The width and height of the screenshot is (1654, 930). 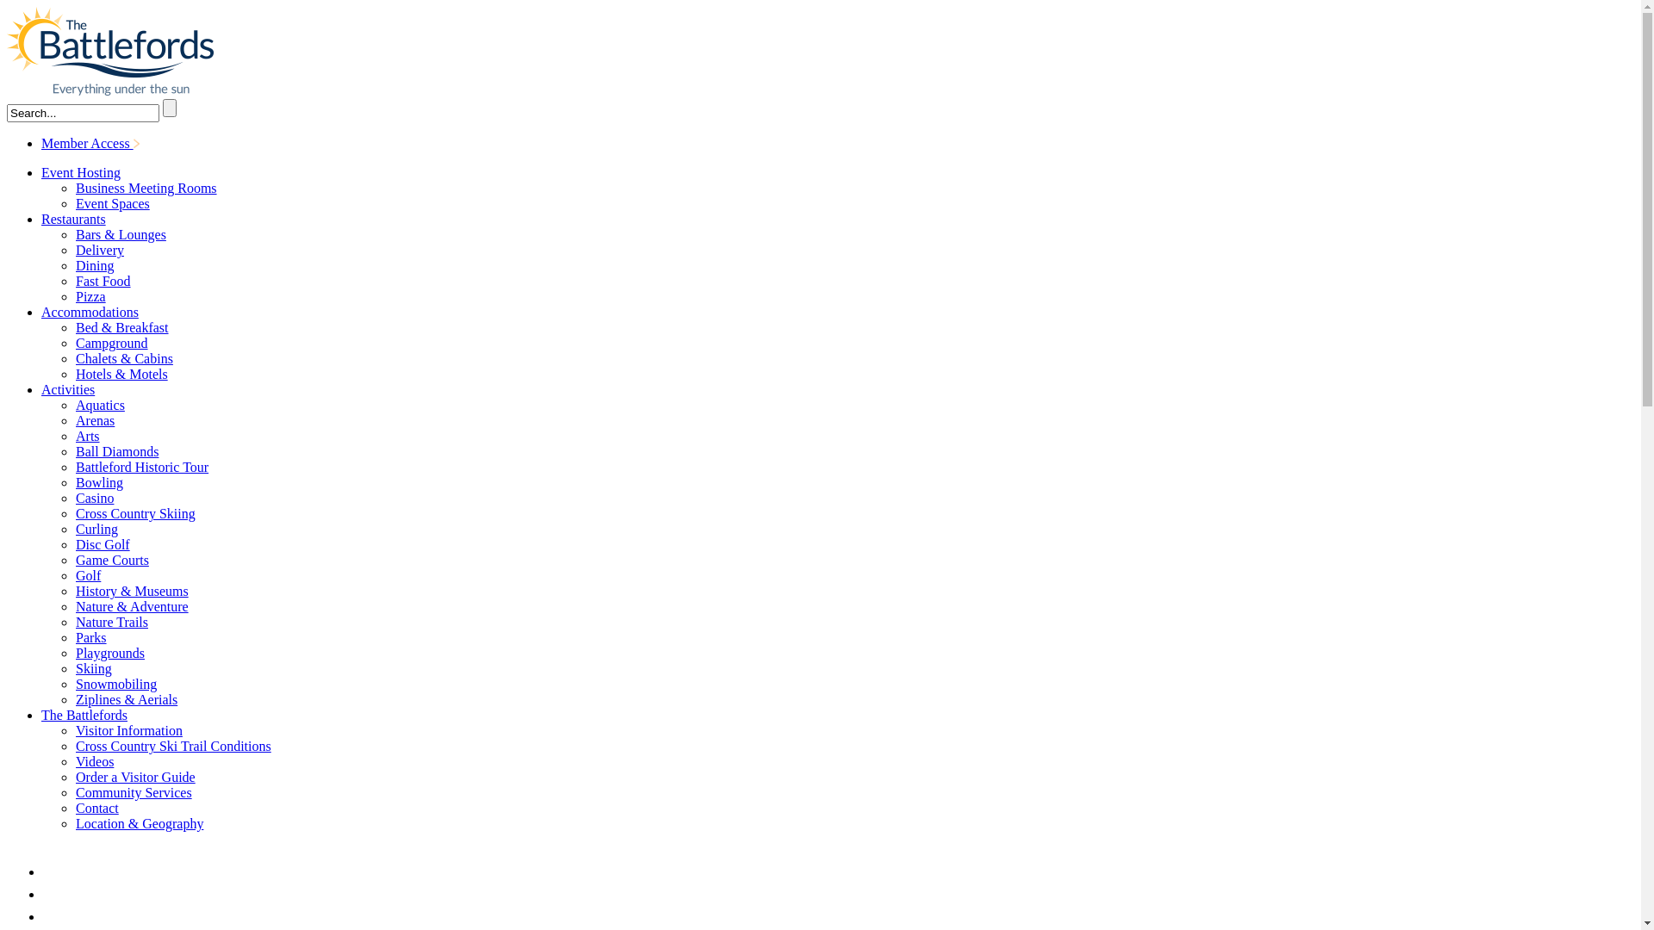 I want to click on 'Curling', so click(x=96, y=528).